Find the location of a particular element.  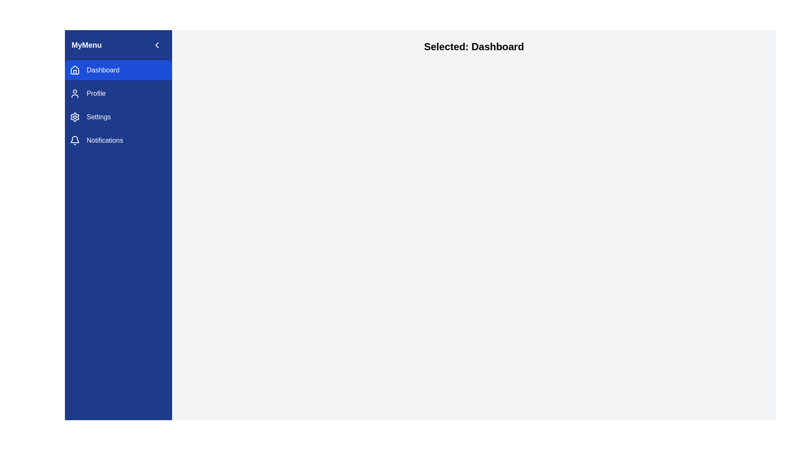

the 'Settings' menu item label, which is styled in white text on a blue background and is the third option in the vertical navigation menu is located at coordinates (98, 117).